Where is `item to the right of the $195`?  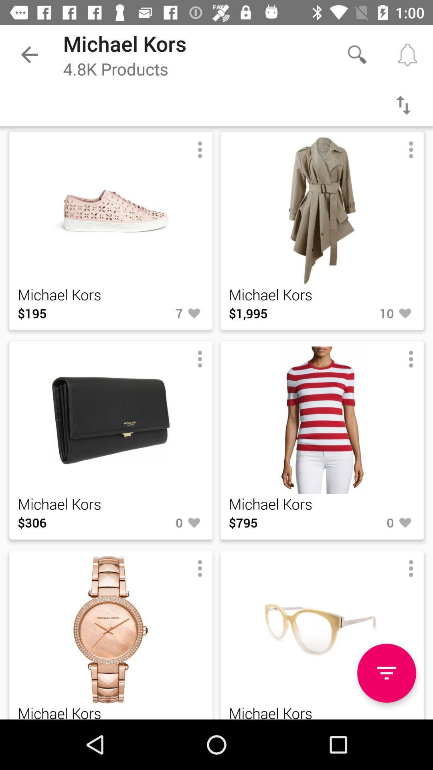
item to the right of the $195 is located at coordinates (158, 313).